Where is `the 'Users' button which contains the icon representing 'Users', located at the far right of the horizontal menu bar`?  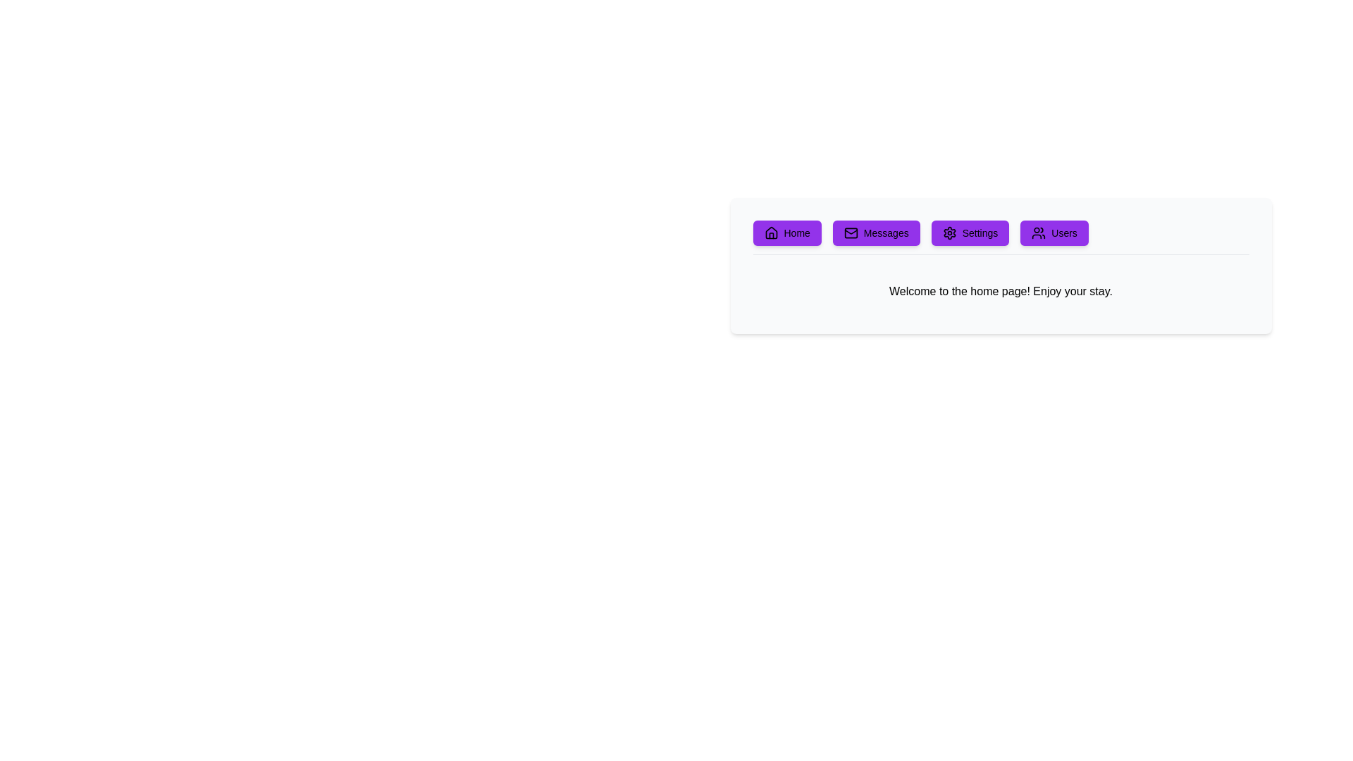
the 'Users' button which contains the icon representing 'Users', located at the far right of the horizontal menu bar is located at coordinates (1038, 233).